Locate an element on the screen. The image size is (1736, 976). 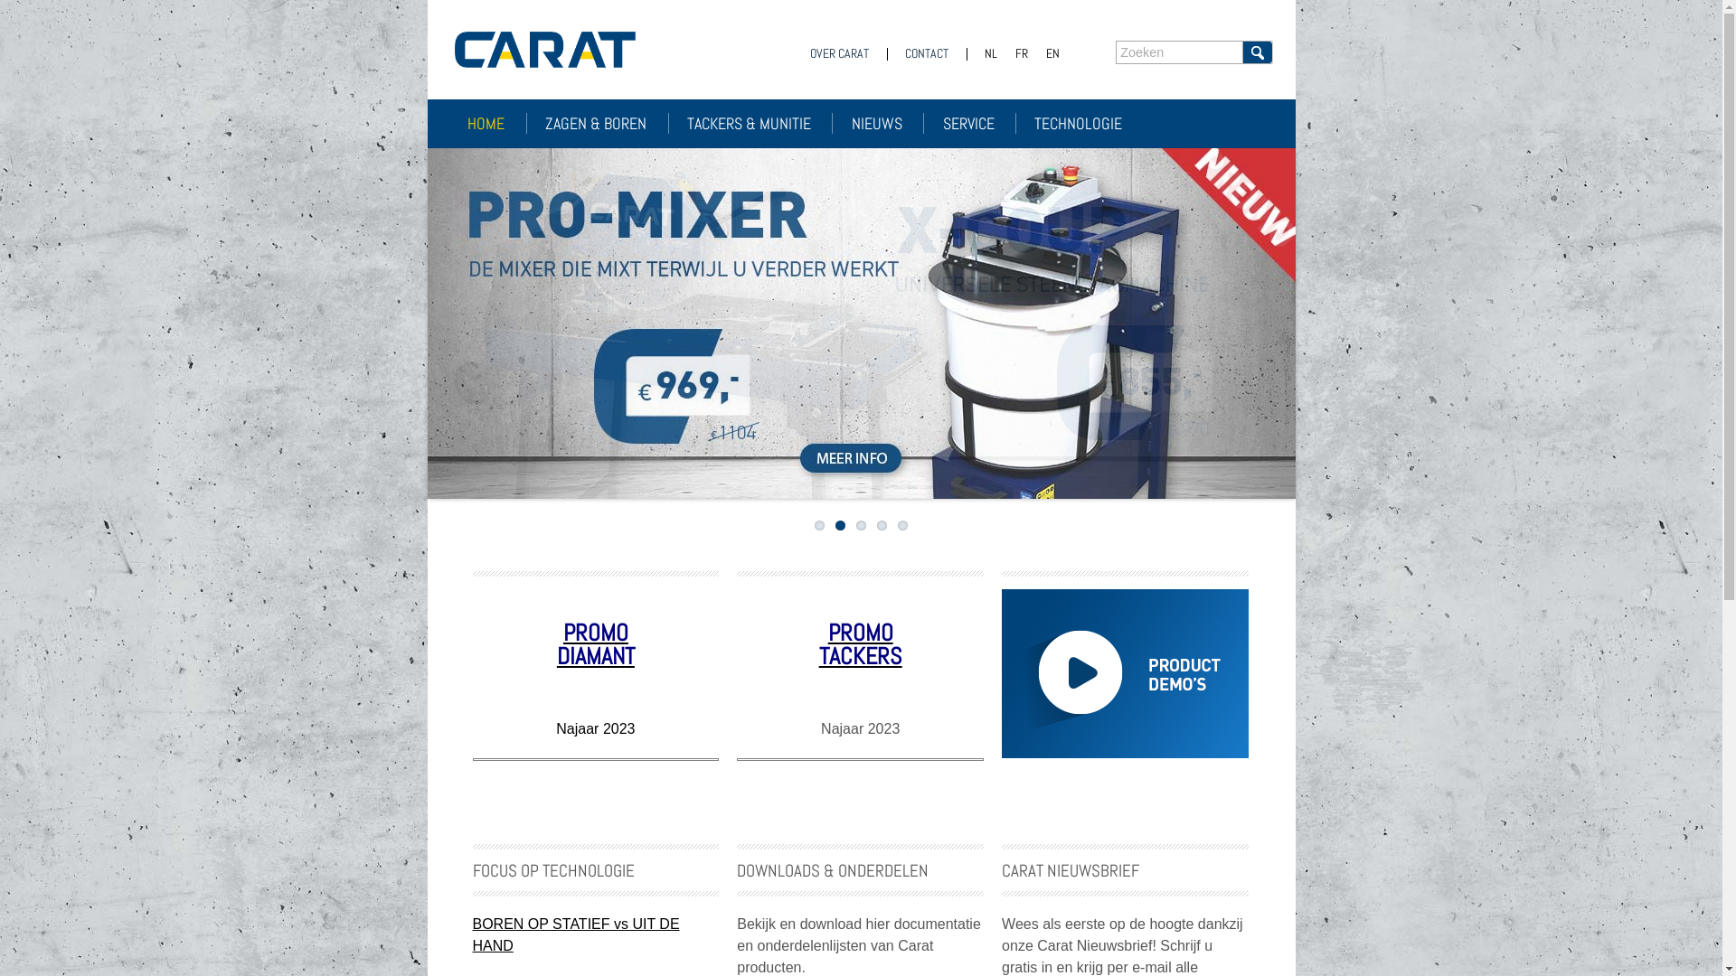
'3' is located at coordinates (860, 525).